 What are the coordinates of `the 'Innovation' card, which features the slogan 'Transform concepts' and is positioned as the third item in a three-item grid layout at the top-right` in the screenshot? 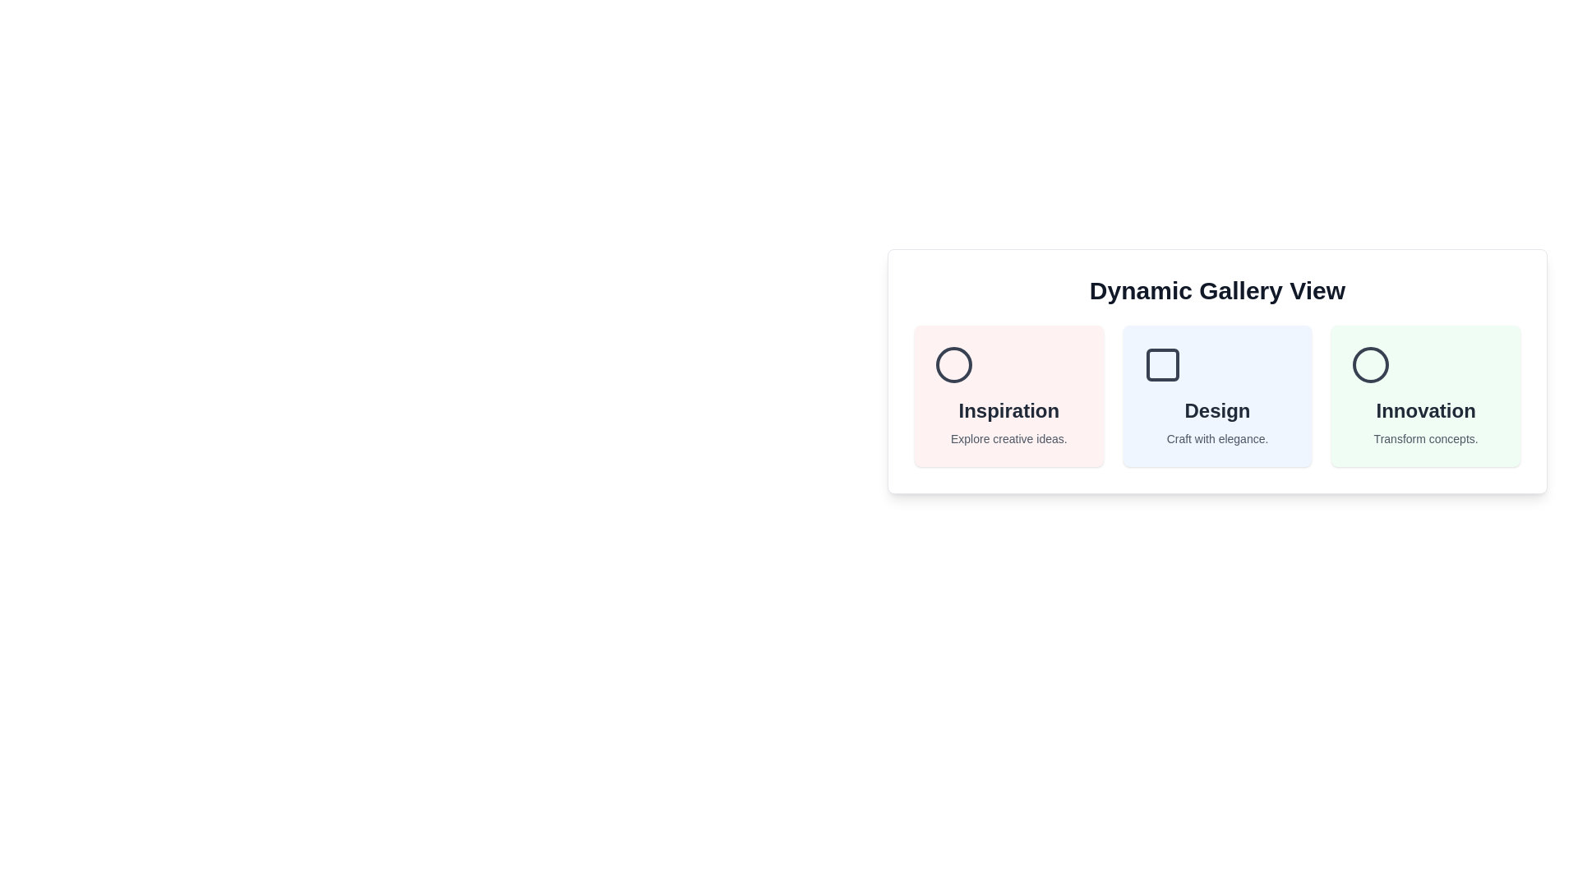 It's located at (1425, 396).